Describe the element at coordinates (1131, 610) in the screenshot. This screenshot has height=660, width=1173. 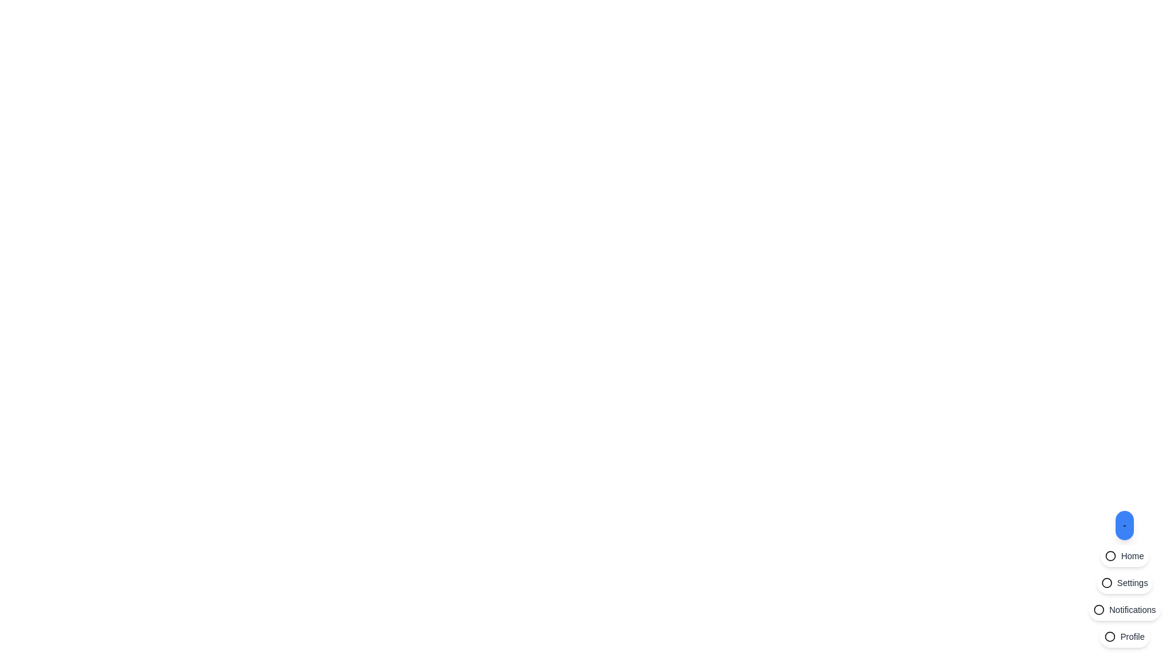
I see `text label displaying 'Notifications' located at the bottom-right corner of the interface, styled in a small gray font` at that location.